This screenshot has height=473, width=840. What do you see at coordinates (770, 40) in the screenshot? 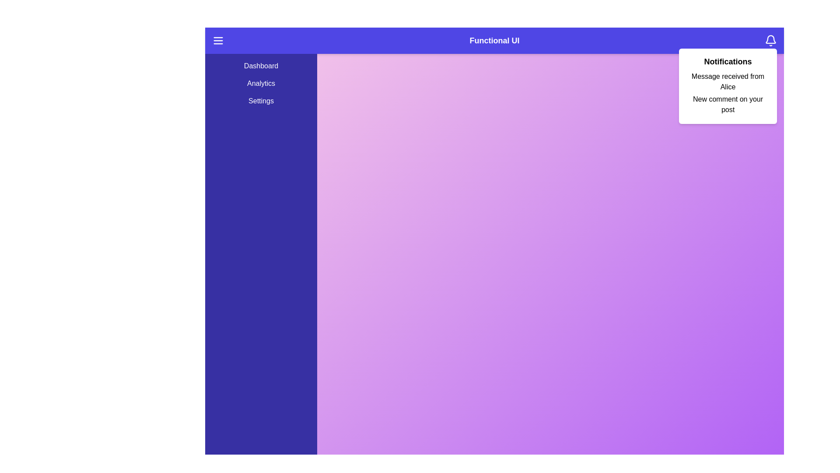
I see `the bell icon to toggle the notifications panel` at bounding box center [770, 40].